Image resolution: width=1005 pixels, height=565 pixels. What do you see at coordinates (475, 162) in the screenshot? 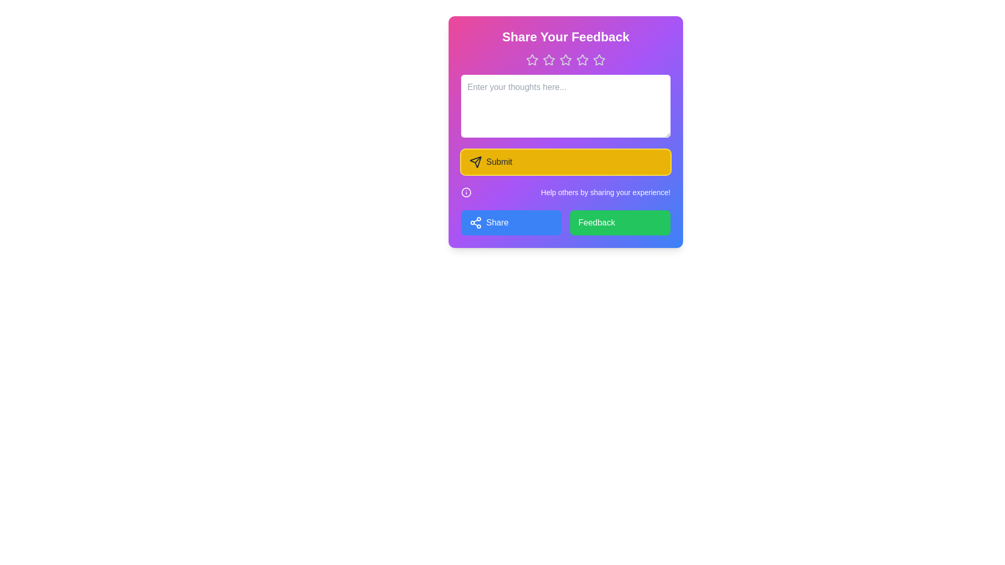
I see `the icon associated with the 'Submit' button` at bounding box center [475, 162].